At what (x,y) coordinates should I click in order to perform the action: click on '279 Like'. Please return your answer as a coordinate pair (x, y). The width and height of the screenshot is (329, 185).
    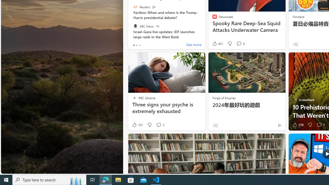
    Looking at the image, I should click on (297, 125).